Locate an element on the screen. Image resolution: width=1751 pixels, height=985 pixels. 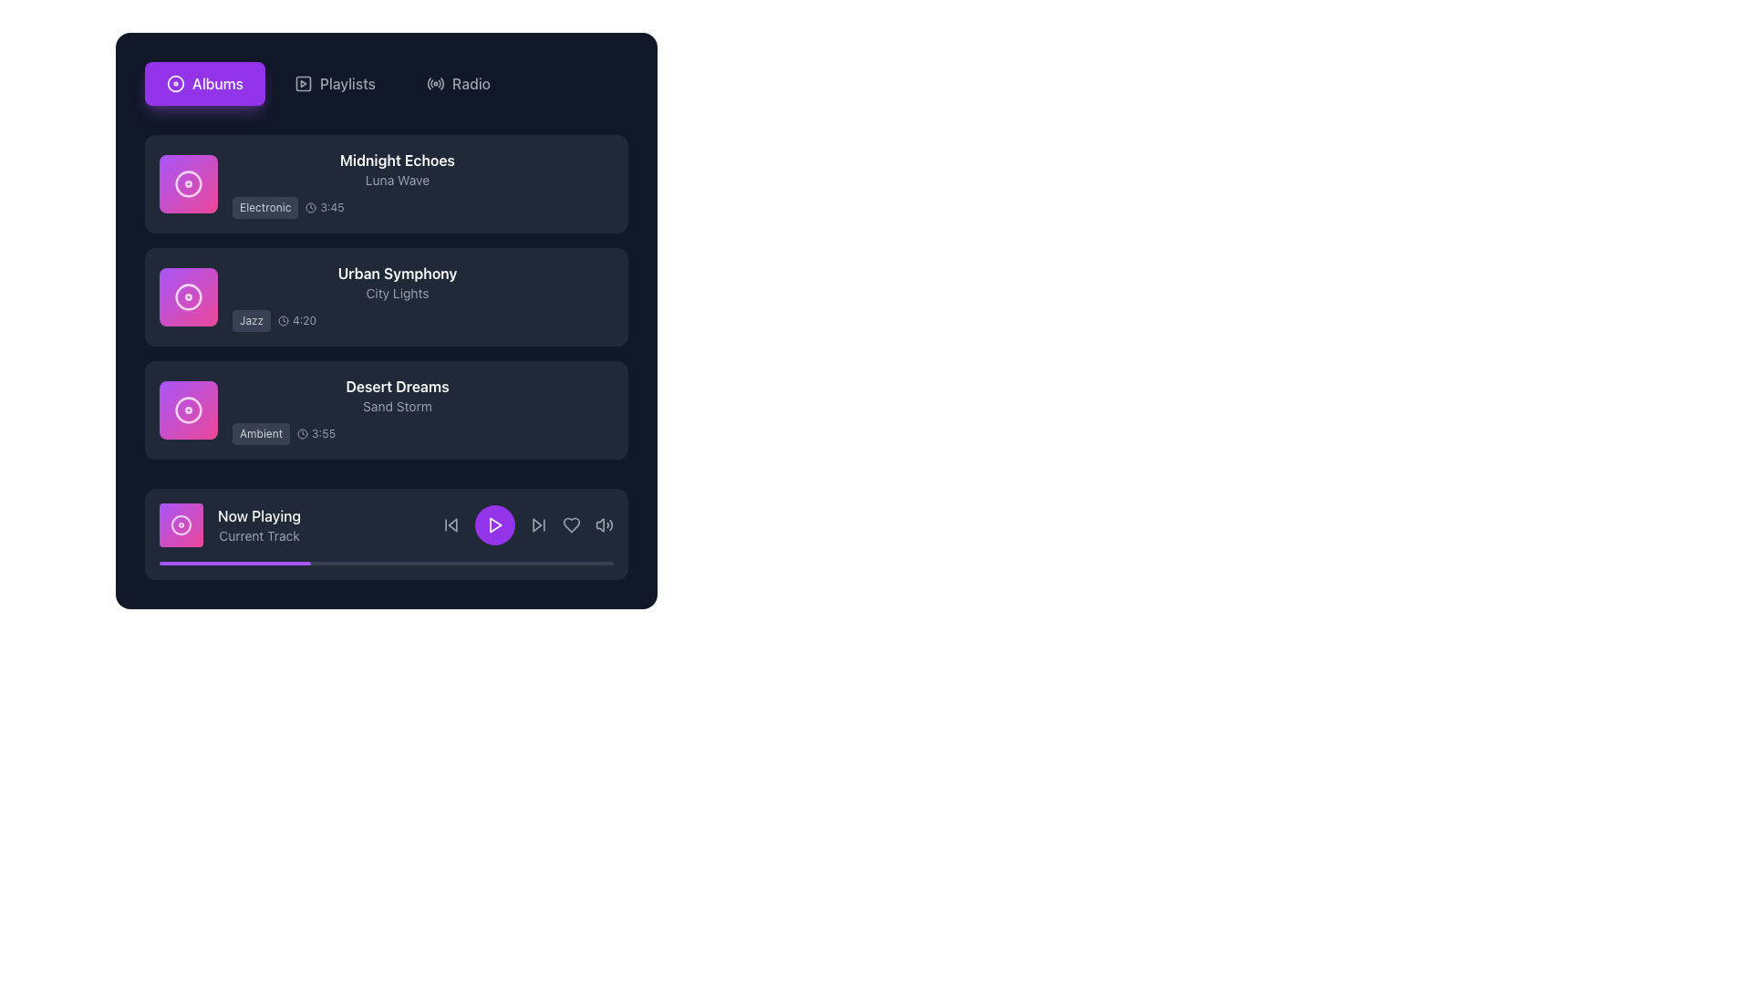
the 'Jazz' label with light gray text on a dark gray background located in the 'Urban Symphony' album section, positioned to the left of the duration text '4:20' is located at coordinates (251, 319).